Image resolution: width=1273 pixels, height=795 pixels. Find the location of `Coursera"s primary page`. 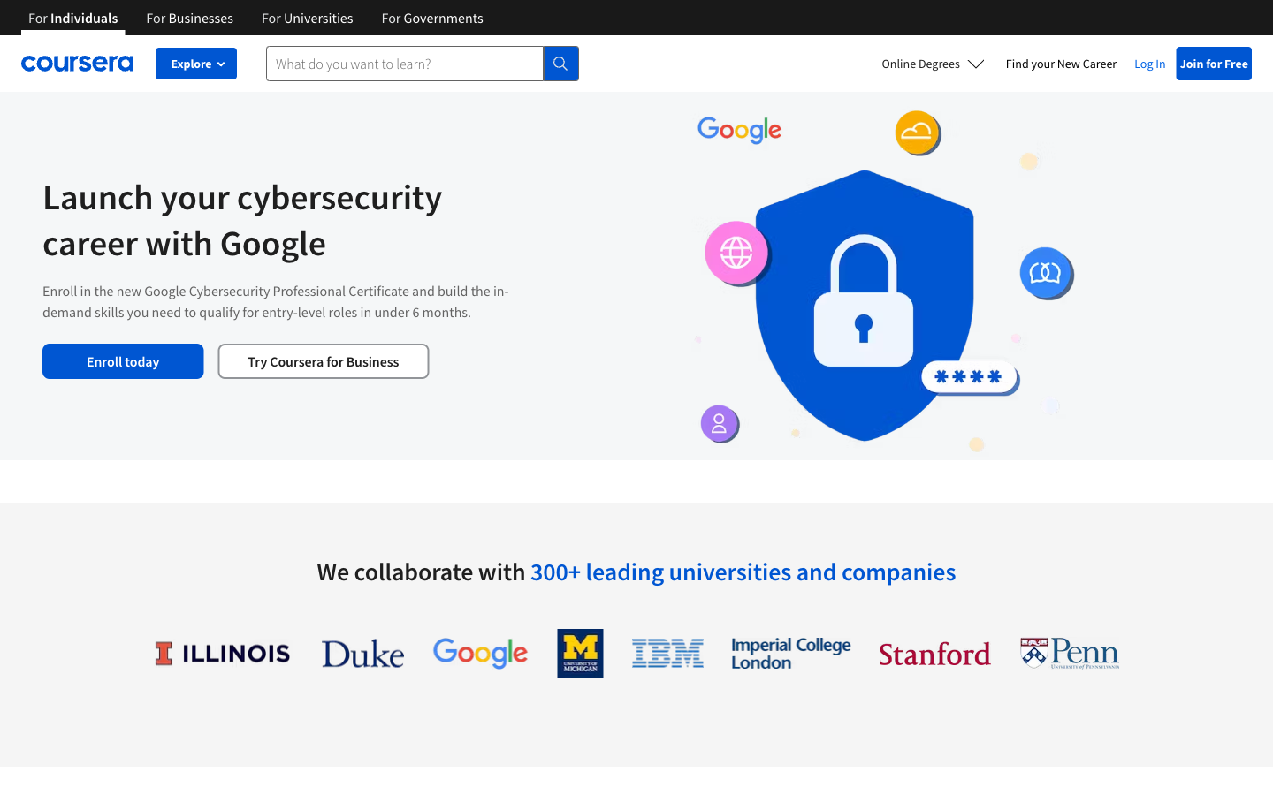

Coursera"s primary page is located at coordinates (77, 63).